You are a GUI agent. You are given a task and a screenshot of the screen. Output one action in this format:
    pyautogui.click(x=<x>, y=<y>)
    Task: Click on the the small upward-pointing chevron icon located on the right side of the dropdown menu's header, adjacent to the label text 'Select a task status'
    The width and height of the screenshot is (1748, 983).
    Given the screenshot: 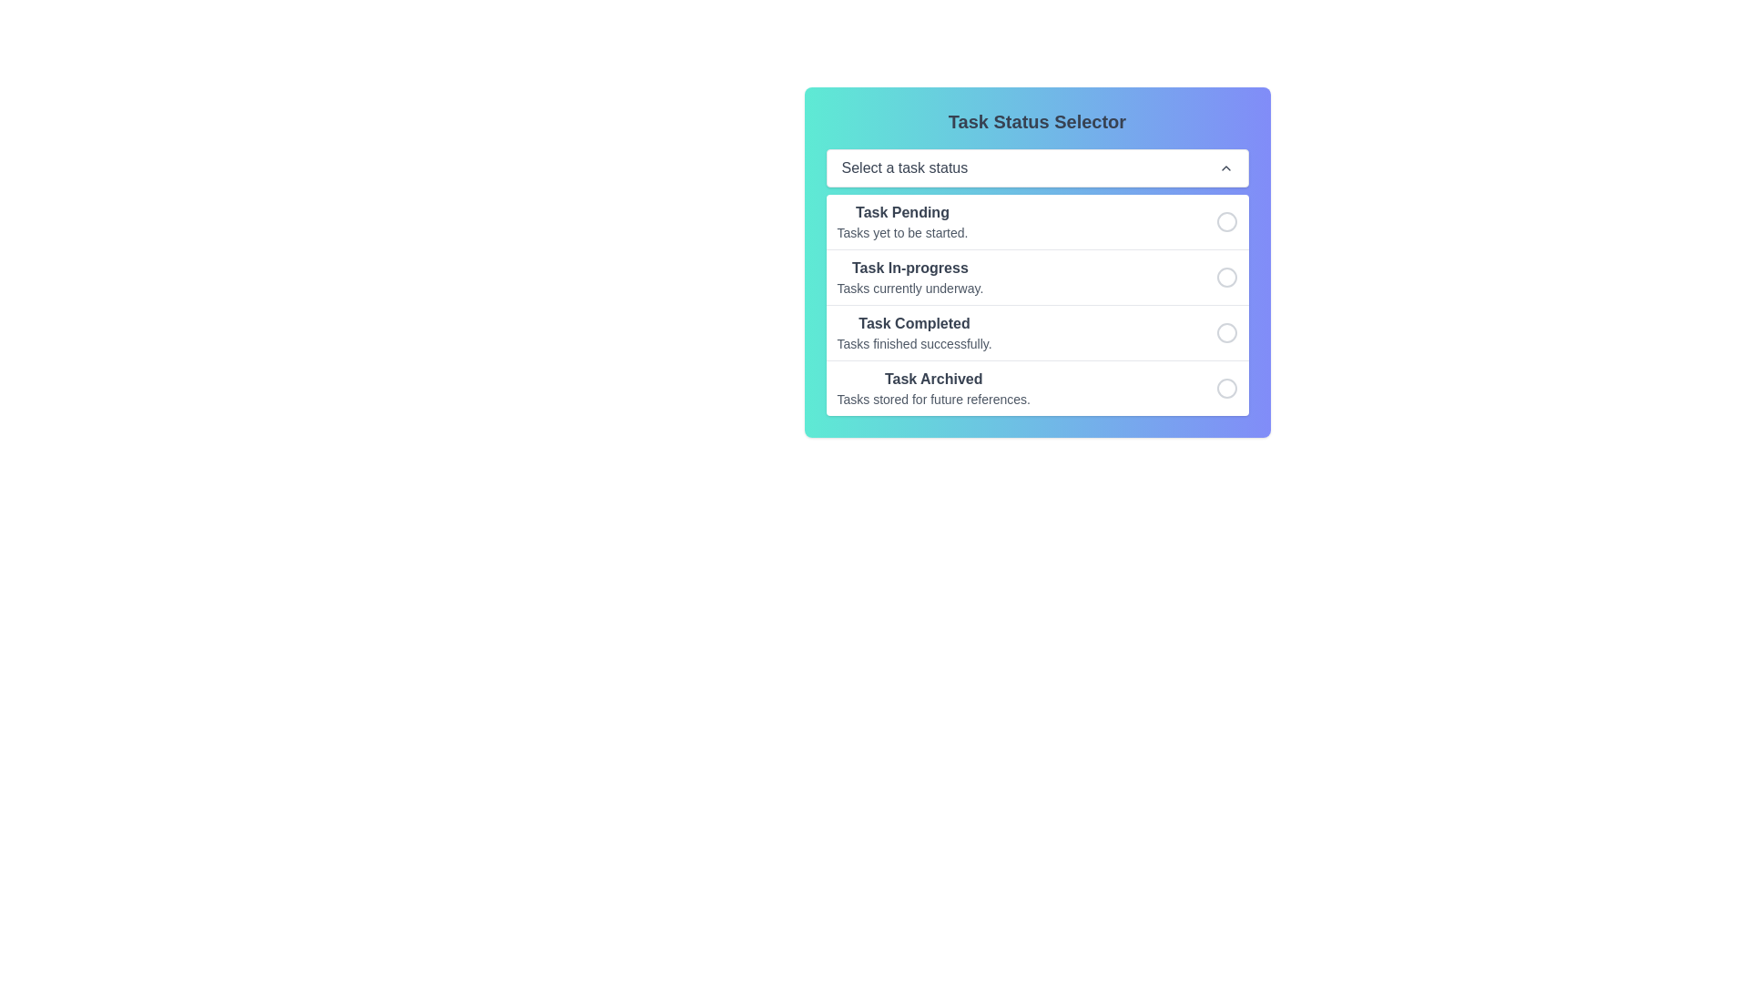 What is the action you would take?
    pyautogui.click(x=1225, y=168)
    